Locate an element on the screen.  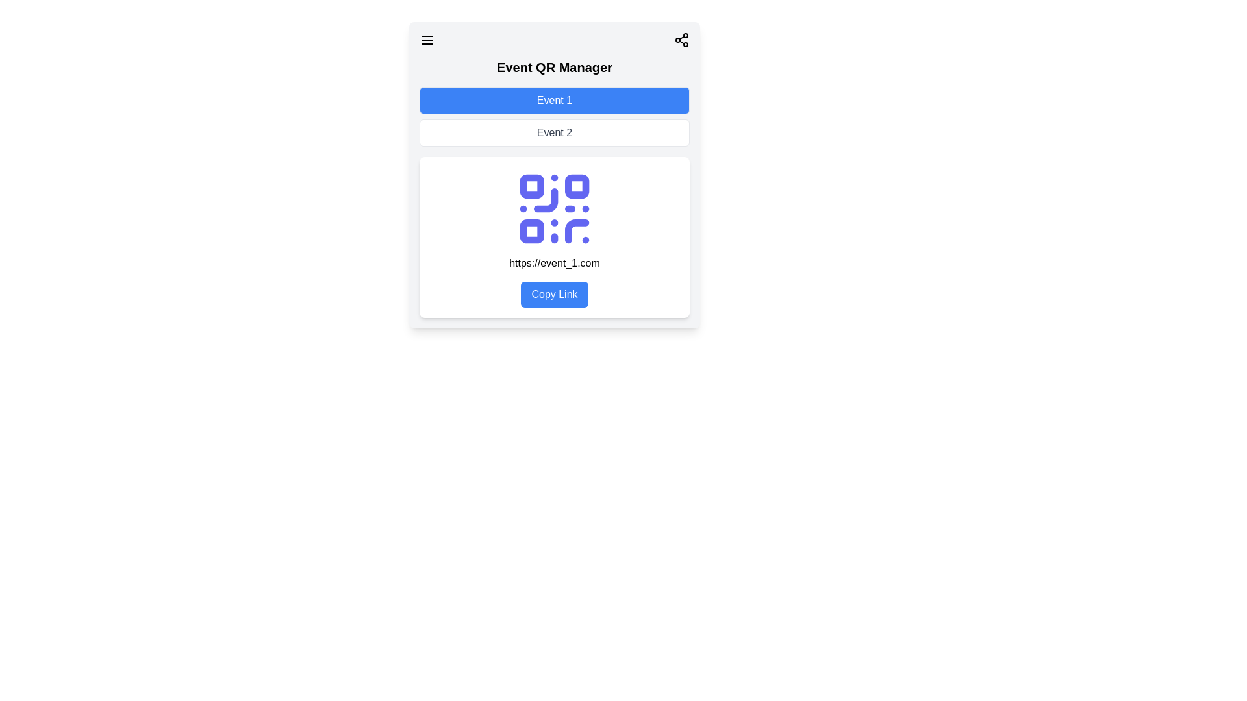
the Text Display element that shows a URL, positioned centrally below the QR code and above the 'Copy Link' button is located at coordinates (555, 263).